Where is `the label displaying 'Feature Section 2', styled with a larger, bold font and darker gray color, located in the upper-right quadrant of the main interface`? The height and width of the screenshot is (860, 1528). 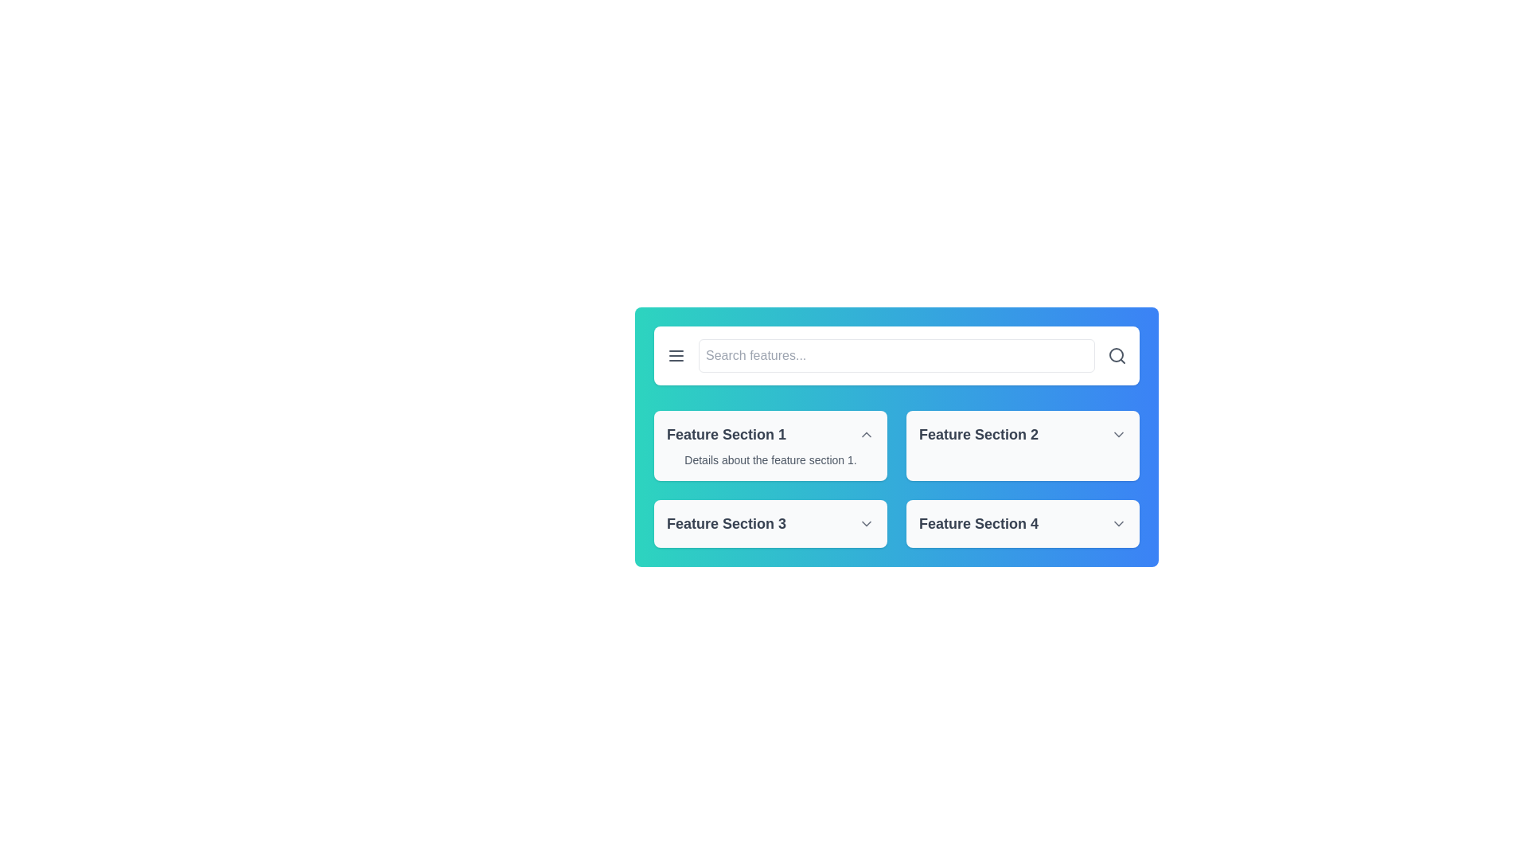 the label displaying 'Feature Section 2', styled with a larger, bold font and darker gray color, located in the upper-right quadrant of the main interface is located at coordinates (977, 435).